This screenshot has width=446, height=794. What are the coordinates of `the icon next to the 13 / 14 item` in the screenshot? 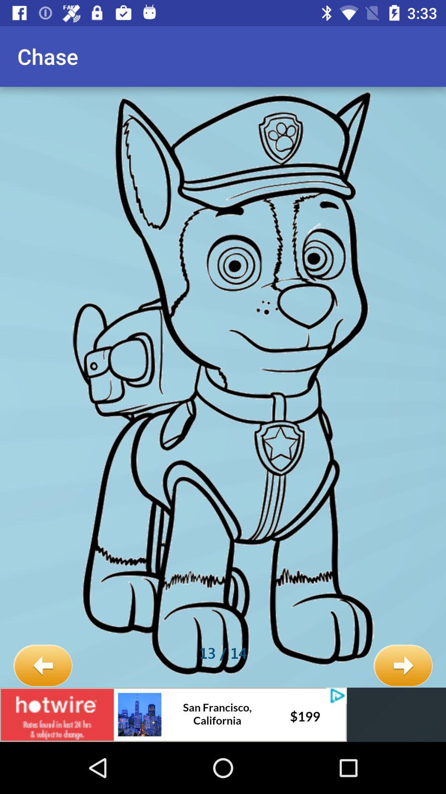 It's located at (43, 666).